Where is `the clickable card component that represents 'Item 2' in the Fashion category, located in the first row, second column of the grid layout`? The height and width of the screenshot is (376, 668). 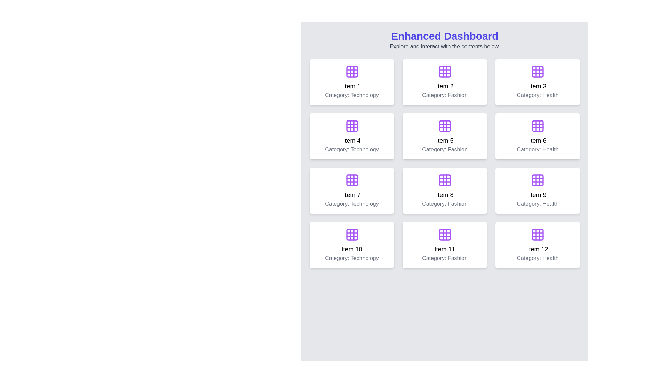
the clickable card component that represents 'Item 2' in the Fashion category, located in the first row, second column of the grid layout is located at coordinates (444, 81).